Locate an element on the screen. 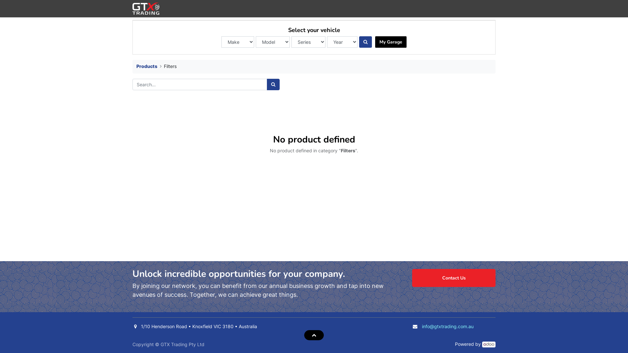  'Contact Us' is located at coordinates (453, 278).